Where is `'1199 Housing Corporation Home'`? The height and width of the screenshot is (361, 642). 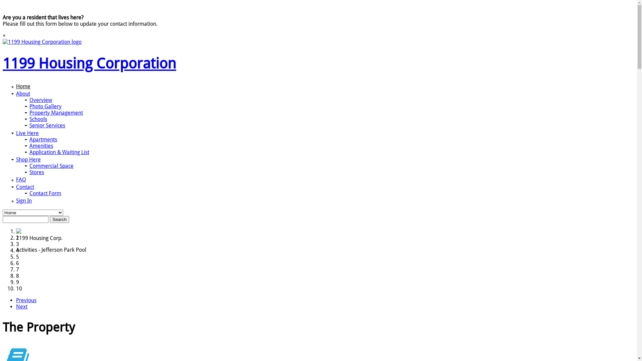
'1199 Housing Corporation Home' is located at coordinates (41, 42).